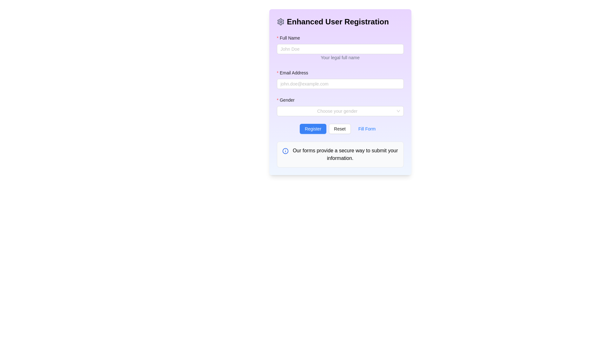 This screenshot has width=609, height=342. I want to click on information displayed on the 'Full Name' label, which is indicated by a red marker suggesting it is a required input field, so click(340, 39).